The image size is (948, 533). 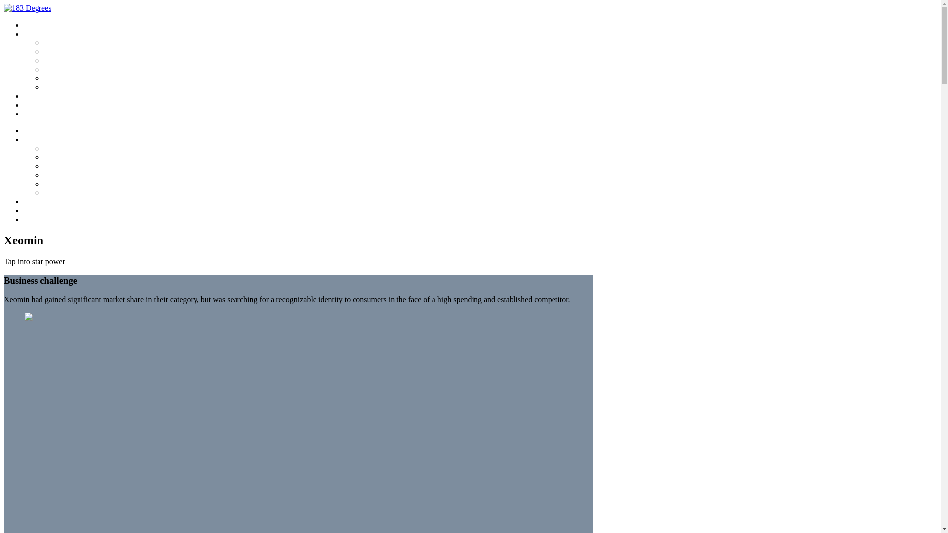 What do you see at coordinates (71, 69) in the screenshot?
I see `'FreeStyle Comfort'` at bounding box center [71, 69].